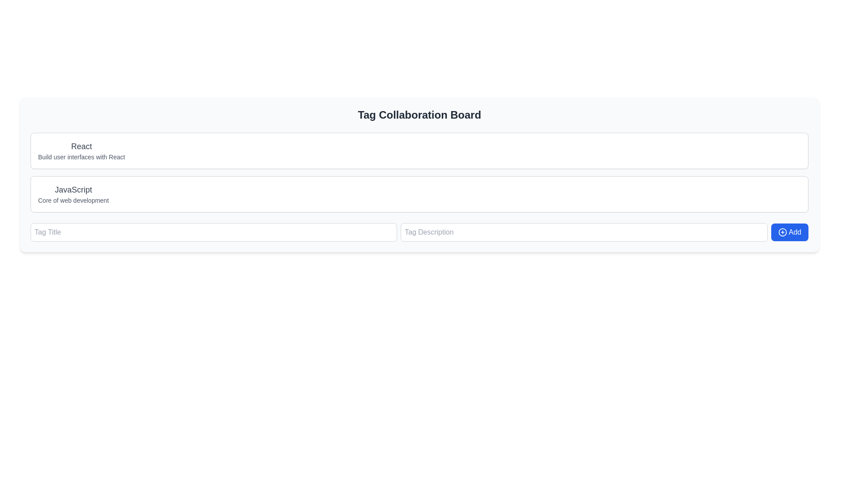  What do you see at coordinates (789, 231) in the screenshot?
I see `the 'Add' button located at the bottom-right corner of the interface` at bounding box center [789, 231].